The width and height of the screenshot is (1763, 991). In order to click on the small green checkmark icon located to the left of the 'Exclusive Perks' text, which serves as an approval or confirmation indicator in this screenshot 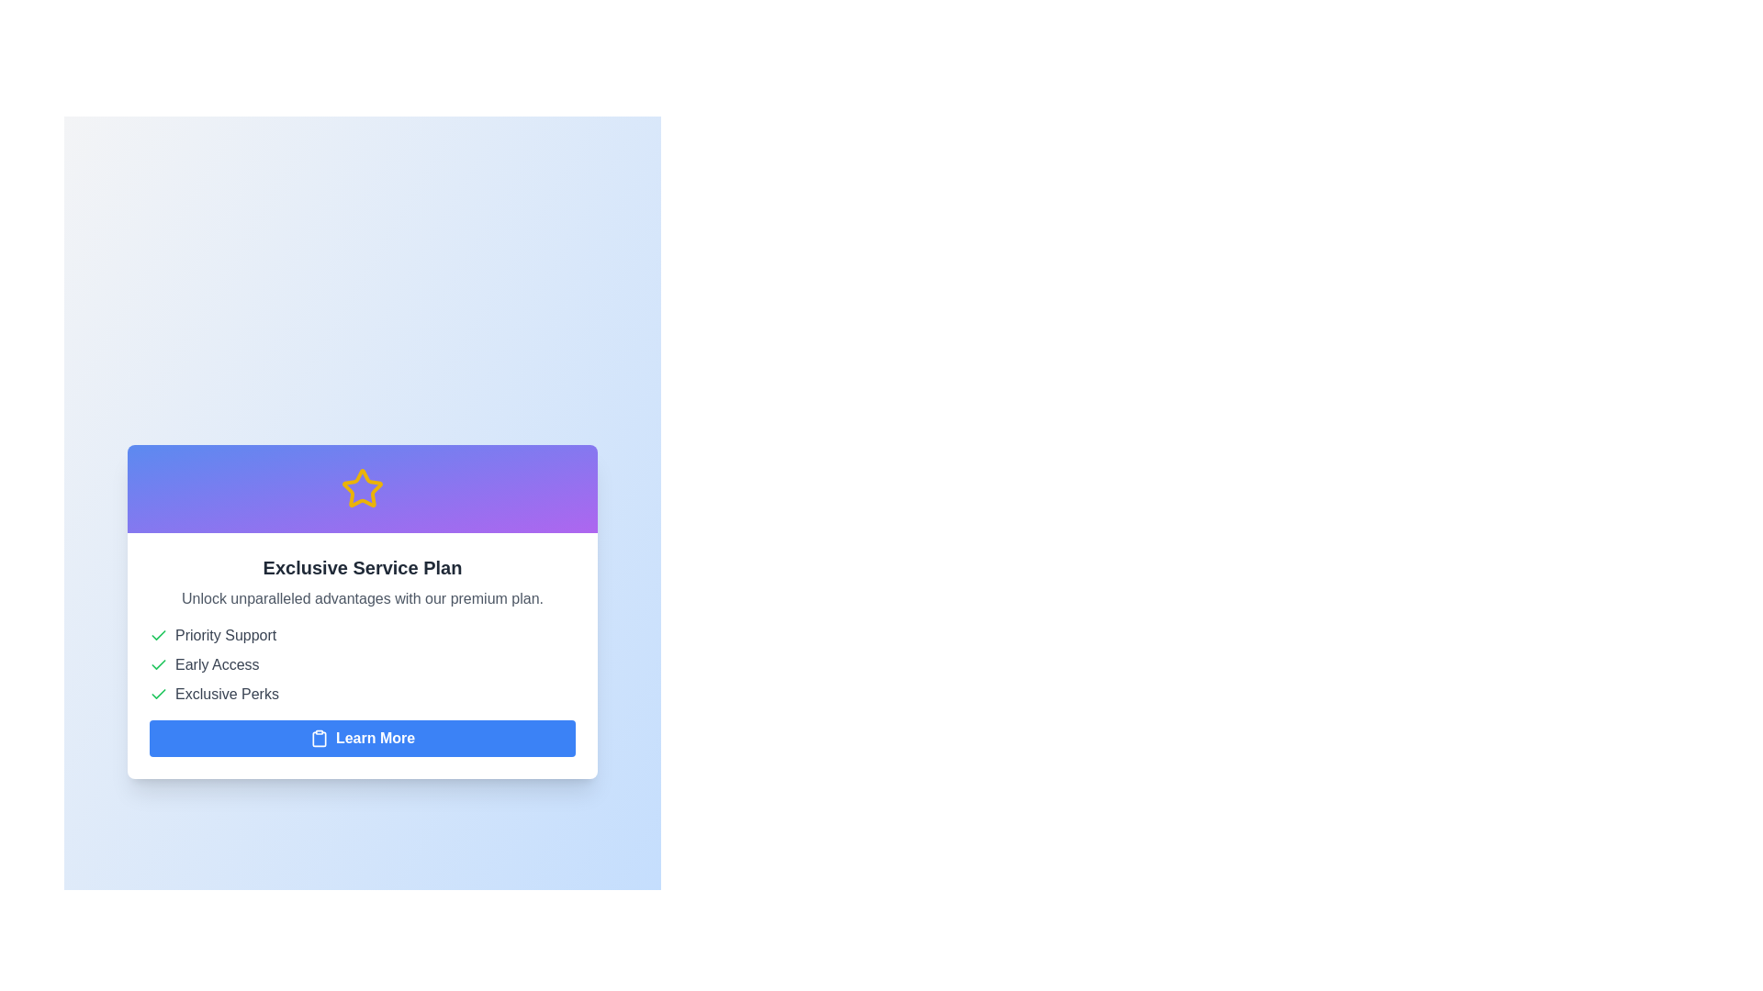, I will do `click(158, 694)`.